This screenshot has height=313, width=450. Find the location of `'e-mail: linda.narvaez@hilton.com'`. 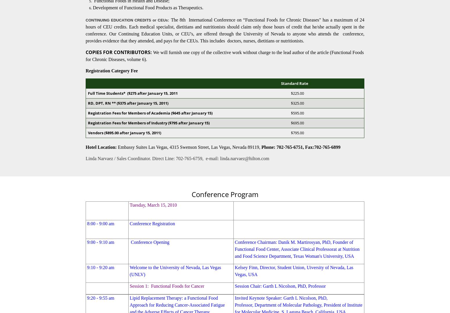

'e-mail: linda.narvaez@hilton.com' is located at coordinates (236, 158).